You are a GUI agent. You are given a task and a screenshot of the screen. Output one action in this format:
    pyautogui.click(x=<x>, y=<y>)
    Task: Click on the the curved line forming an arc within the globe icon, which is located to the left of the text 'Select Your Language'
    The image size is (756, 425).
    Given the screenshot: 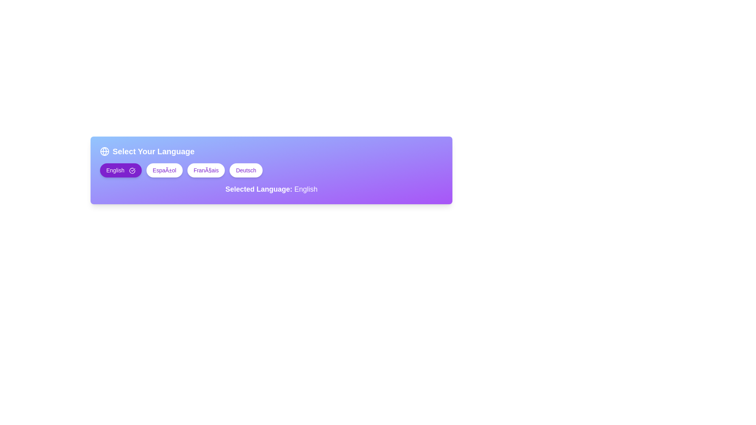 What is the action you would take?
    pyautogui.click(x=104, y=152)
    